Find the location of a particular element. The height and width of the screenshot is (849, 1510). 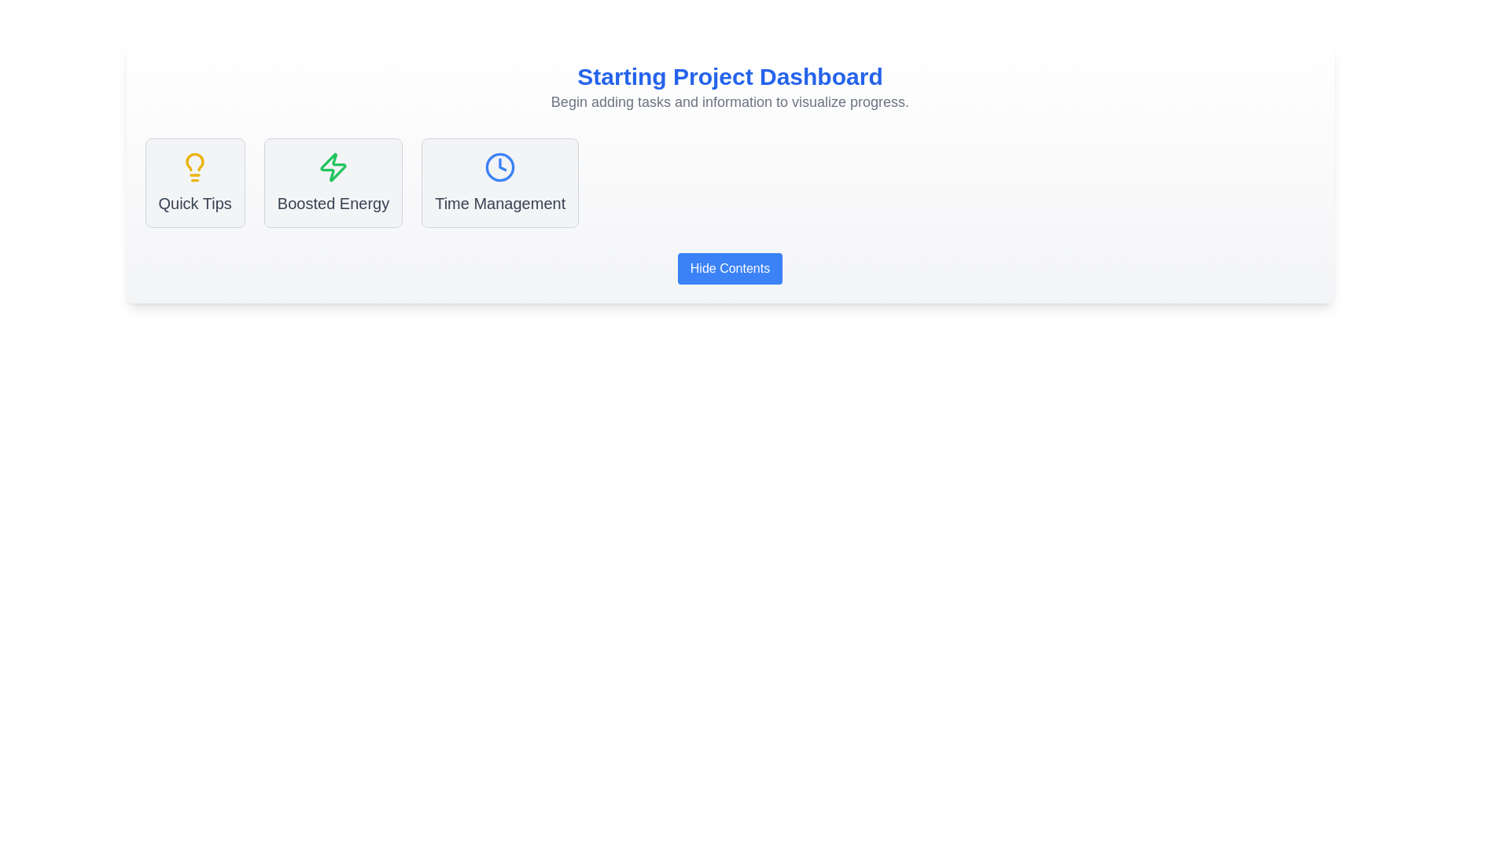

the interactive card labeled 'Boosted Energy' which features a green lightning bolt icon at the top and is positioned centrally between 'Quick Tips' and 'Time Management' is located at coordinates (332, 182).